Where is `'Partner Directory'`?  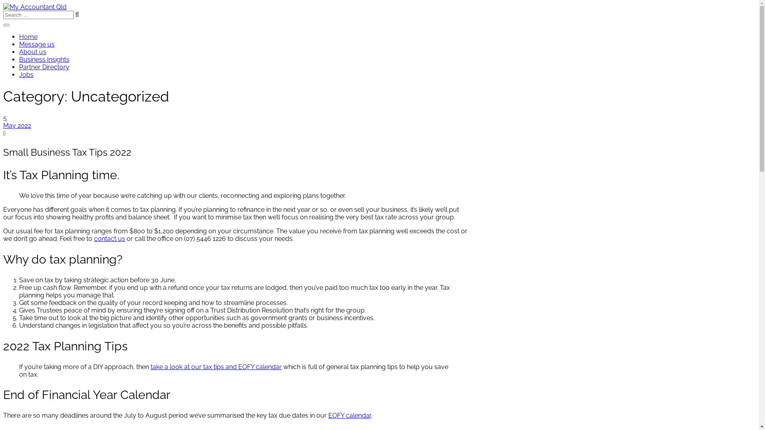 'Partner Directory' is located at coordinates (43, 66).